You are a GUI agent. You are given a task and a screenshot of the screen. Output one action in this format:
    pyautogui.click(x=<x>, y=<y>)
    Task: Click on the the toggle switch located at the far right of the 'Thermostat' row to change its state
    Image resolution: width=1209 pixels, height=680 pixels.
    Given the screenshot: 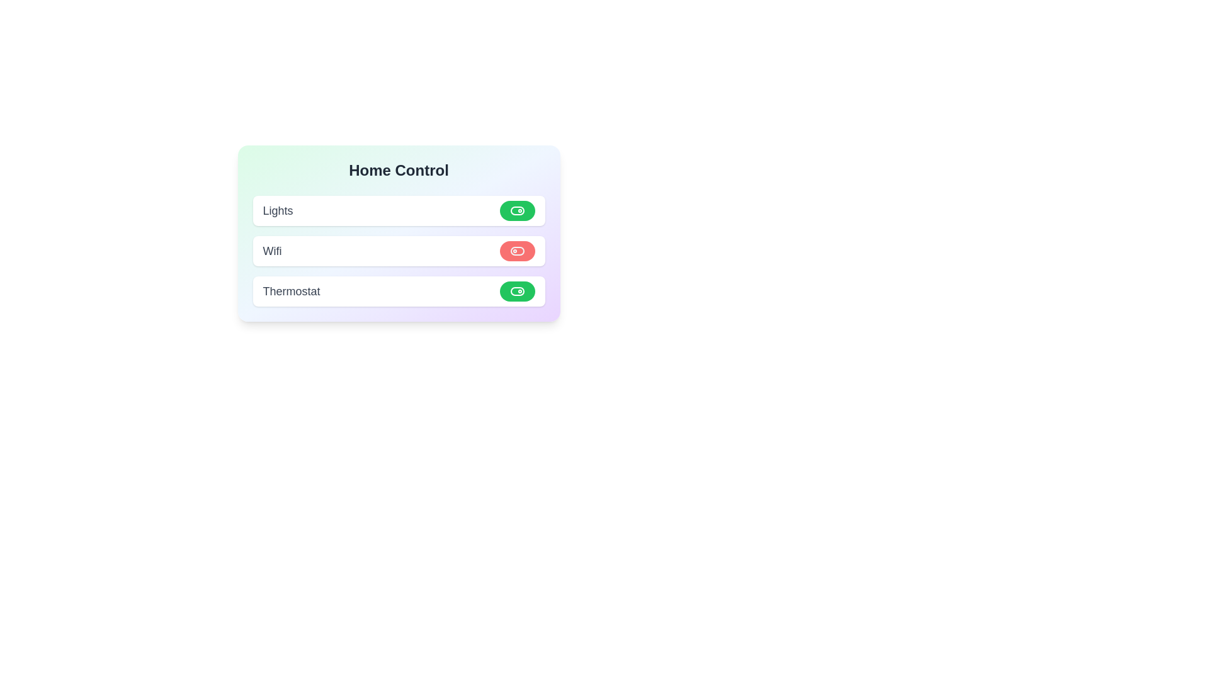 What is the action you would take?
    pyautogui.click(x=517, y=291)
    